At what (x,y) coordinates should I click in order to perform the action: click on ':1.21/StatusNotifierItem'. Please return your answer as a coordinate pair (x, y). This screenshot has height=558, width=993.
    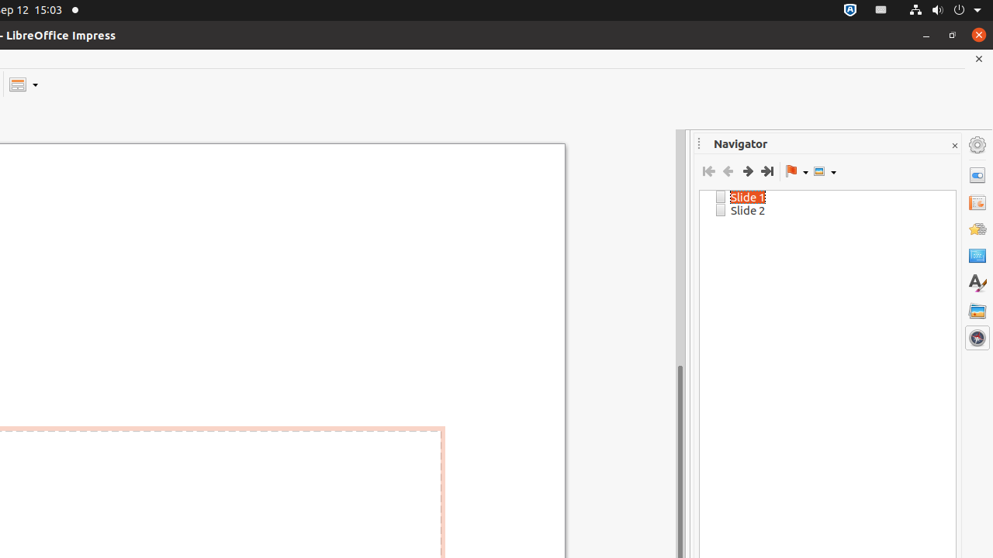
    Looking at the image, I should click on (881, 10).